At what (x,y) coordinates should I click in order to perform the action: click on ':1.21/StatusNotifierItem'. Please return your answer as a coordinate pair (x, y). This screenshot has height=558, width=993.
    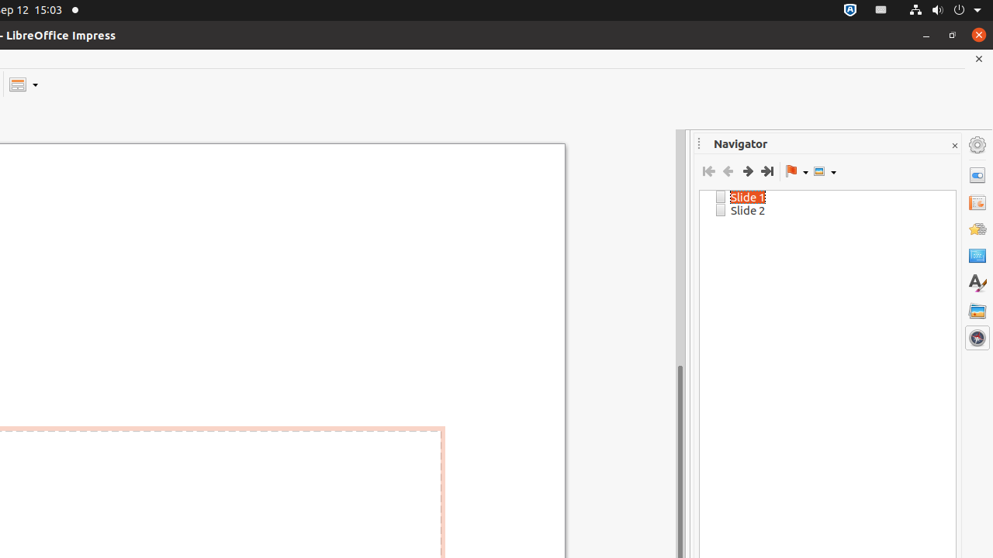
    Looking at the image, I should click on (881, 10).